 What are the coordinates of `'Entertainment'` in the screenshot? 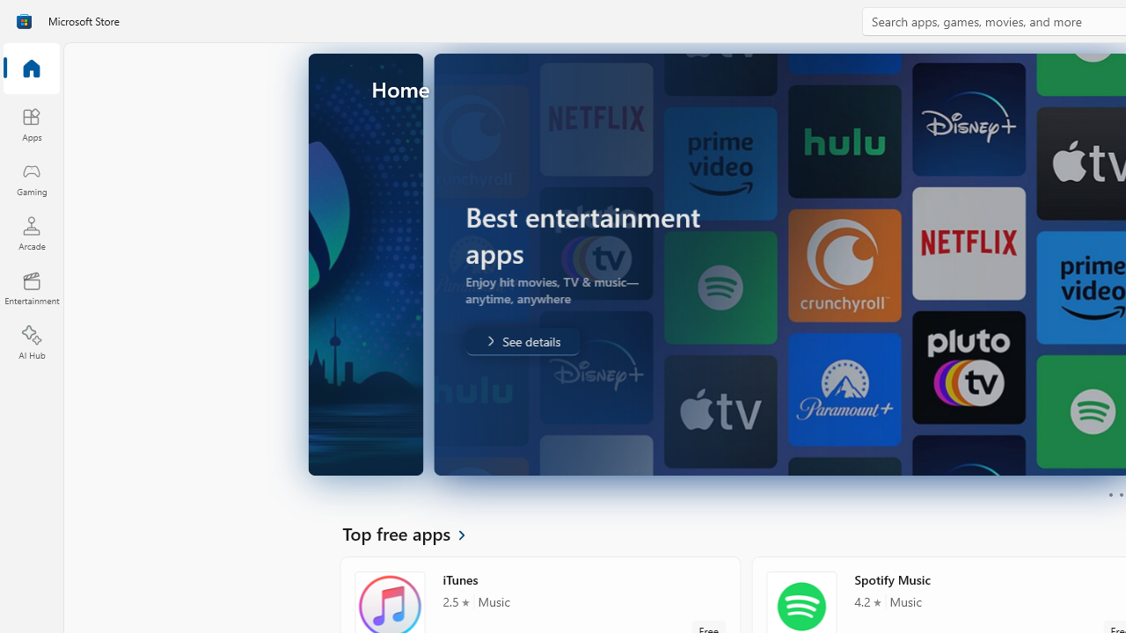 It's located at (31, 287).